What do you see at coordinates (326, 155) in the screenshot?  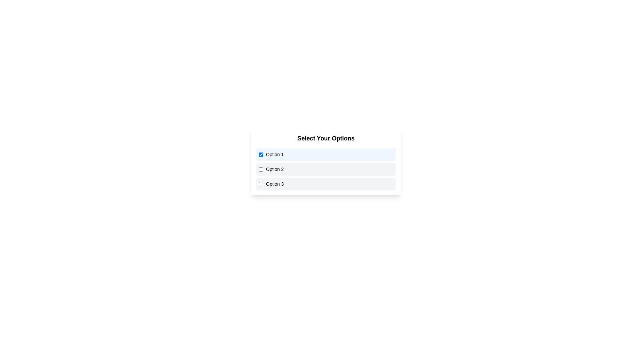 I see `the checkbox labeled 'Option 1'` at bounding box center [326, 155].